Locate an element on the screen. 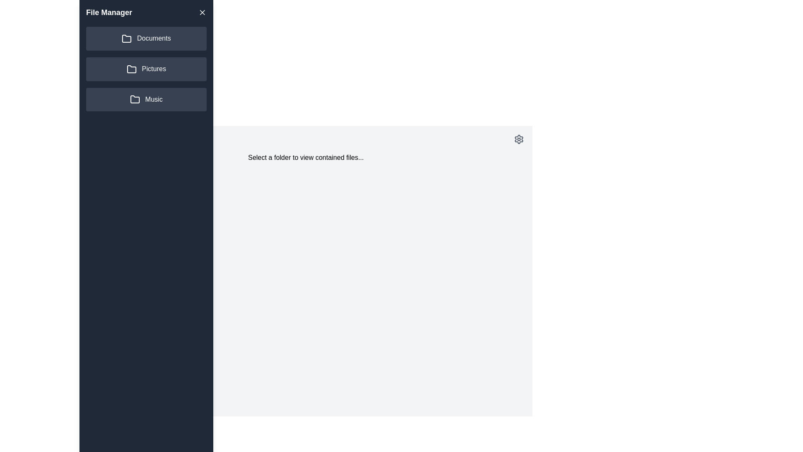 This screenshot has width=803, height=452. the folder named Documents is located at coordinates (146, 39).